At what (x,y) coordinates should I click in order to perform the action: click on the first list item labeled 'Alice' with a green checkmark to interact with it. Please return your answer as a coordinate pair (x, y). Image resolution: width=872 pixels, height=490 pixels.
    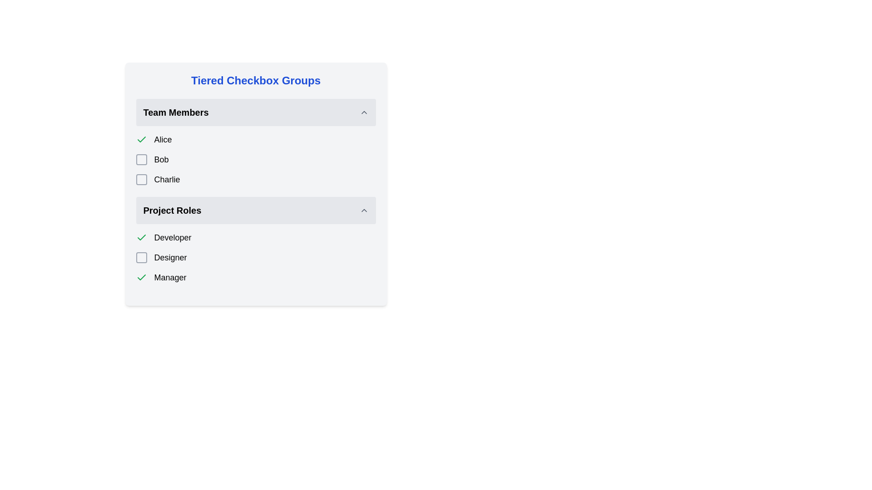
    Looking at the image, I should click on (255, 140).